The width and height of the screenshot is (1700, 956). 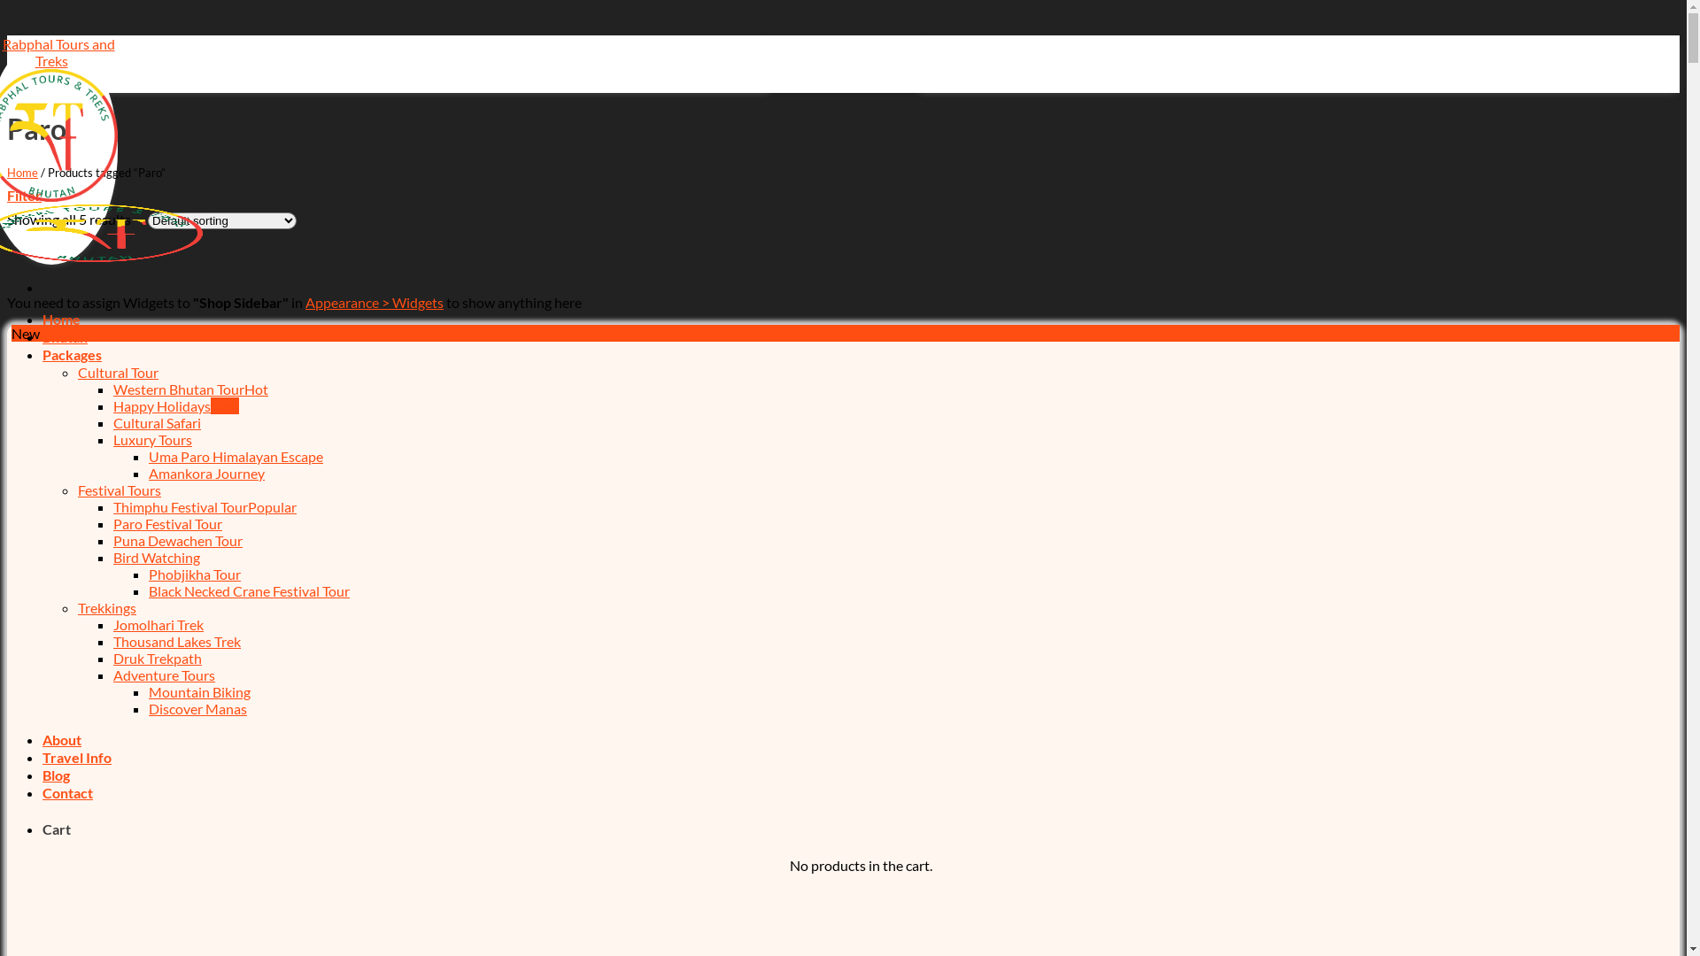 What do you see at coordinates (235, 455) in the screenshot?
I see `'Uma Paro Himalayan Escape'` at bounding box center [235, 455].